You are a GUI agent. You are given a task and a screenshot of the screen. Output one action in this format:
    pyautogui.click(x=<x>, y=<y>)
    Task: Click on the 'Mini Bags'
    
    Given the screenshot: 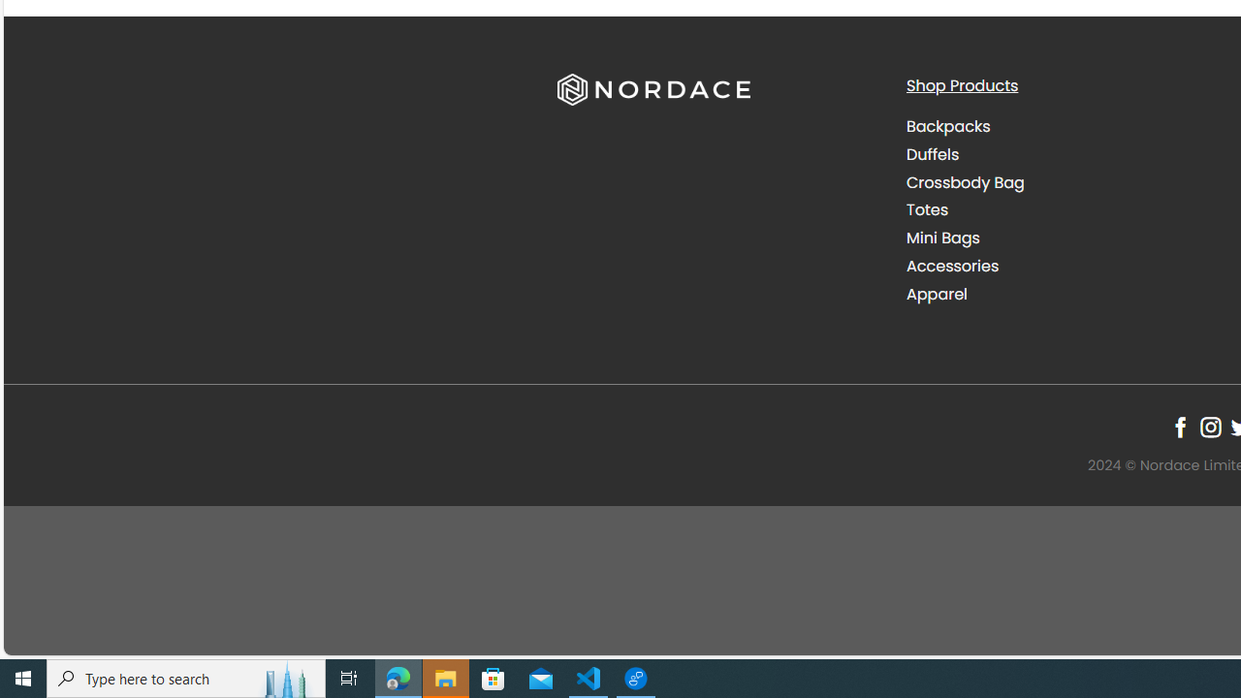 What is the action you would take?
    pyautogui.click(x=942, y=237)
    